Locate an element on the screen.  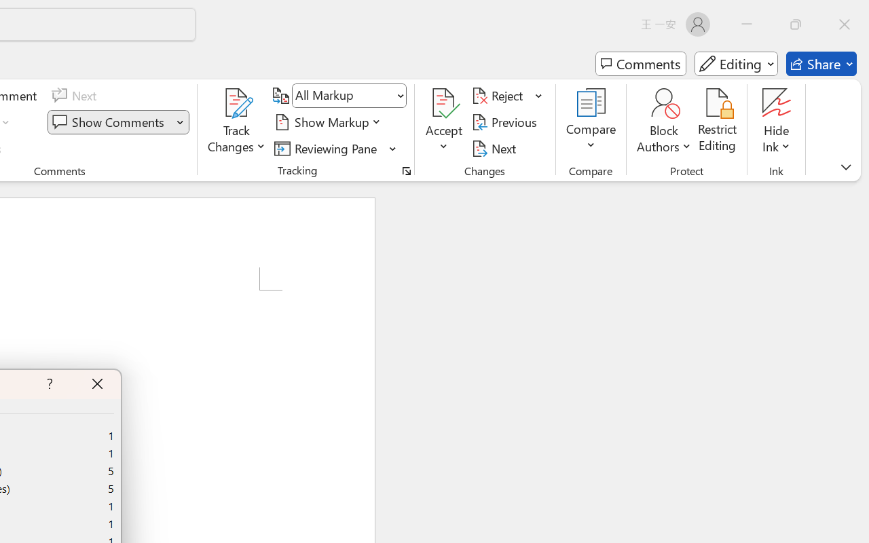
'Display for Review' is located at coordinates (349, 96).